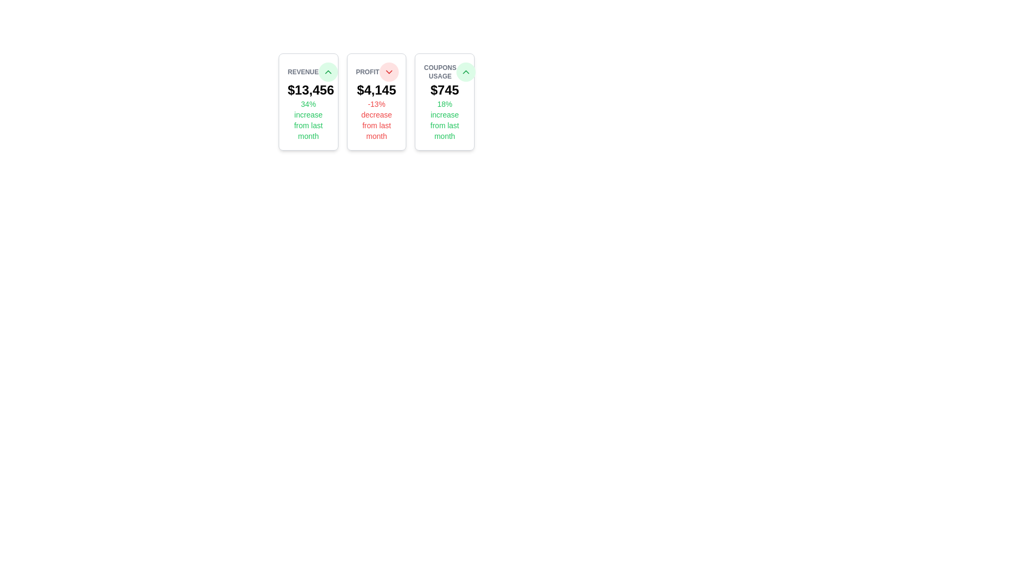 The image size is (1025, 577). Describe the element at coordinates (445, 102) in the screenshot. I see `the informational card displaying 'Coupons usage' with a large bold number '$745' and a green upward arrow icon at the top right` at that location.